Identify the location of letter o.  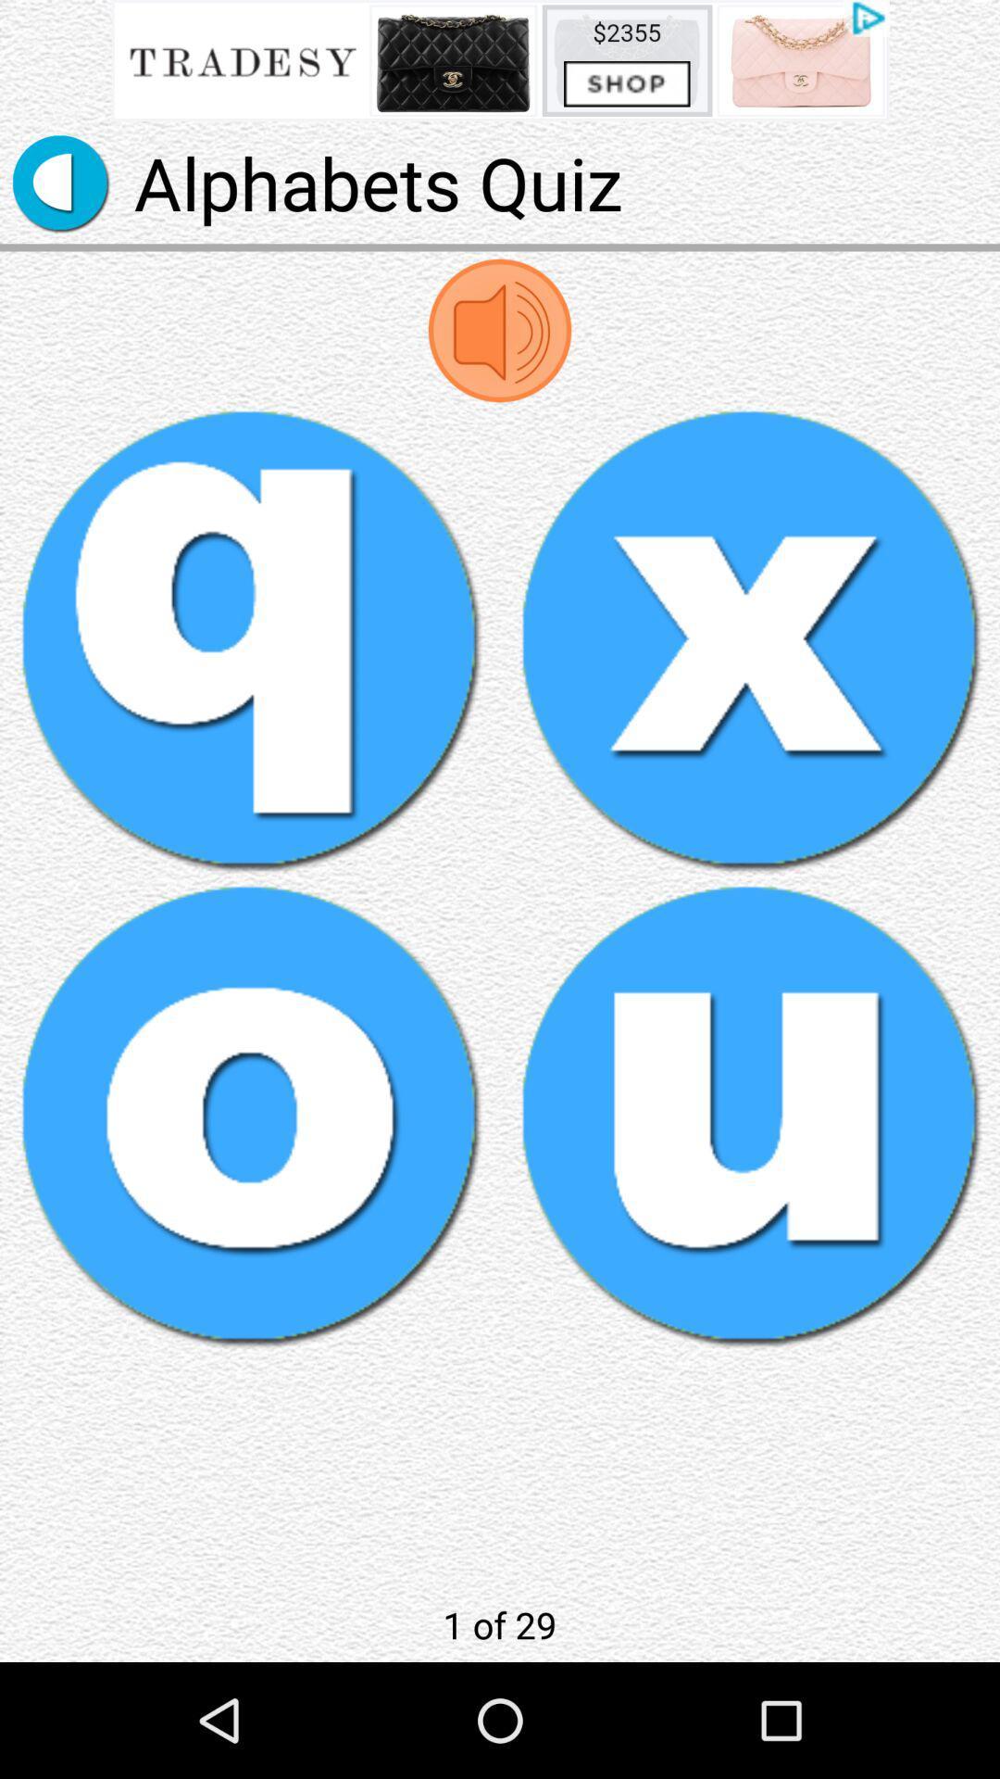
(250, 1114).